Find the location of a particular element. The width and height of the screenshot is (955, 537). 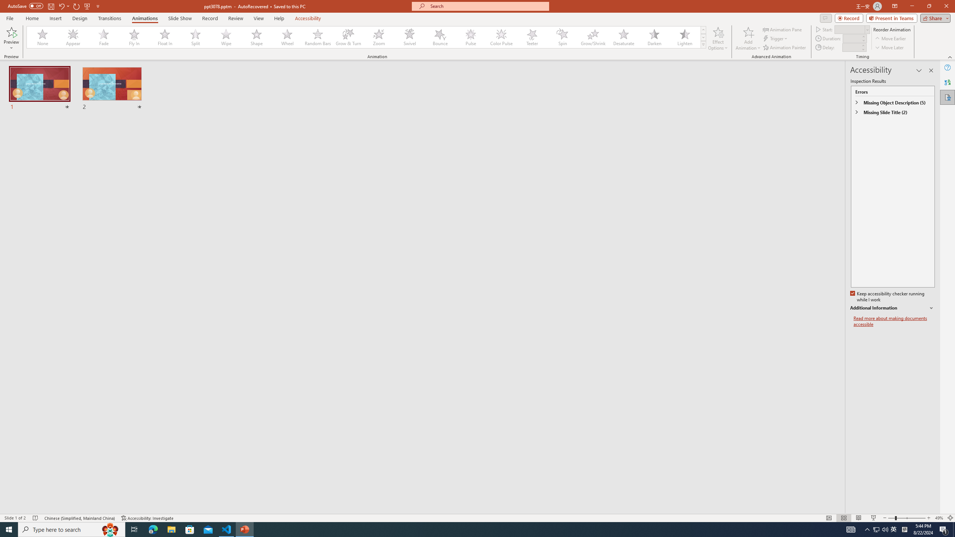

'Zoom 49%' is located at coordinates (939, 518).